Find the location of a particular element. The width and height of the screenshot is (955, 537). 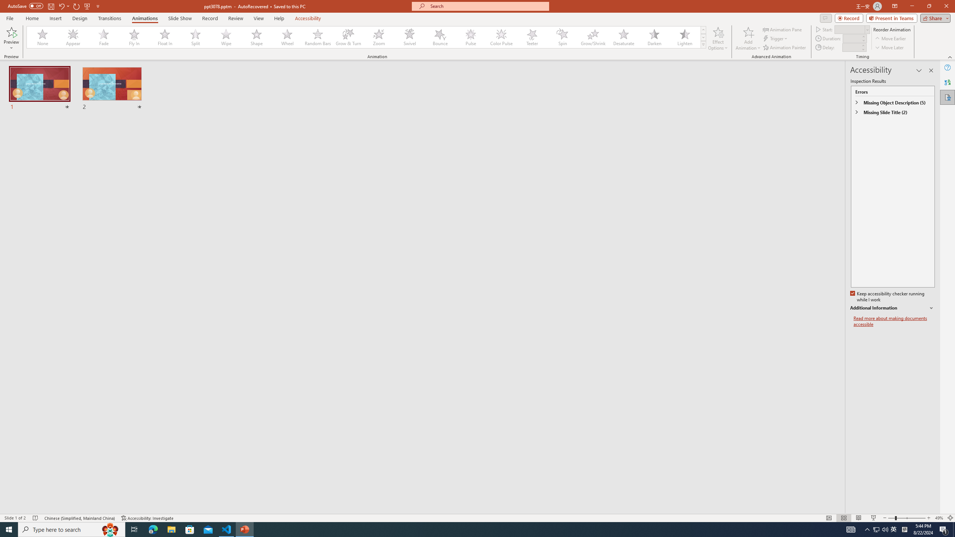

'Zoom 49%' is located at coordinates (939, 518).